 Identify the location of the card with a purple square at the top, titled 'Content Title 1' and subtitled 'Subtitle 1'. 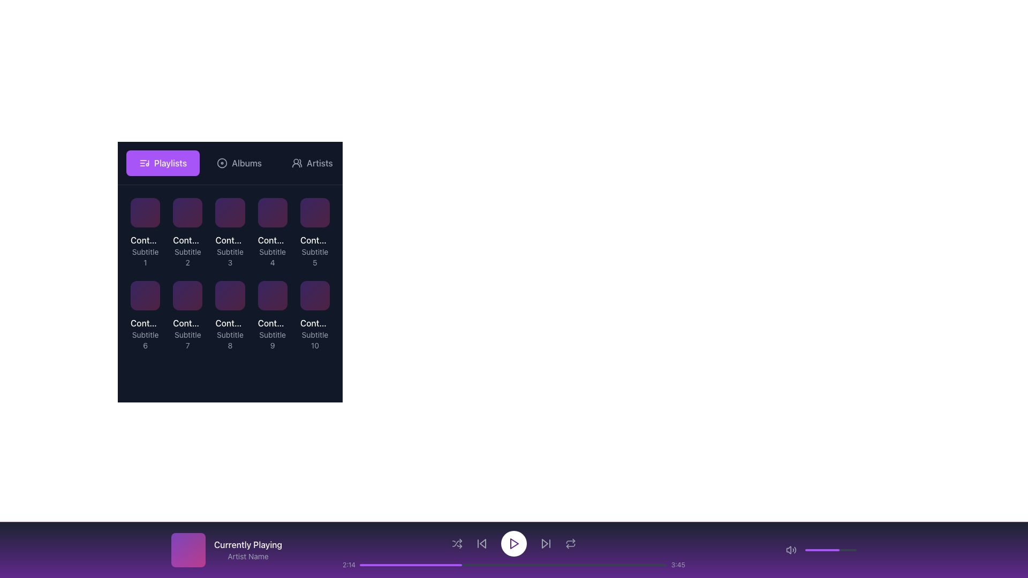
(145, 232).